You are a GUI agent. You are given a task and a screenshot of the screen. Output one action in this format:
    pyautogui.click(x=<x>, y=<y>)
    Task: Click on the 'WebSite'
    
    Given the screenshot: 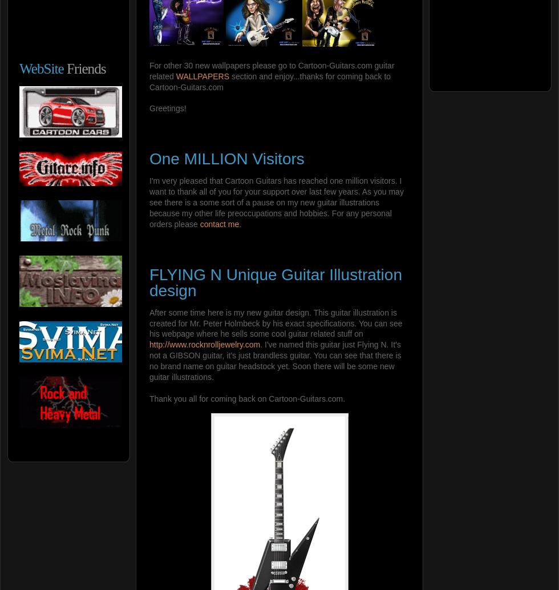 What is the action you would take?
    pyautogui.click(x=41, y=68)
    